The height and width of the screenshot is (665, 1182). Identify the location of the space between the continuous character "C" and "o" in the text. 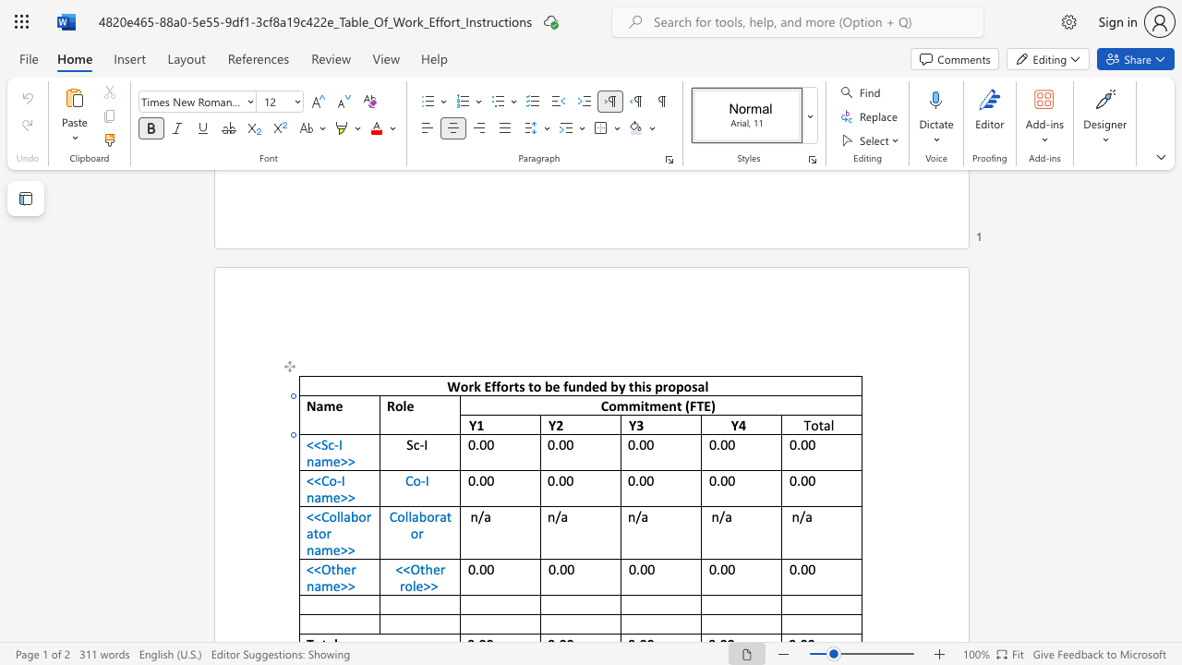
(609, 405).